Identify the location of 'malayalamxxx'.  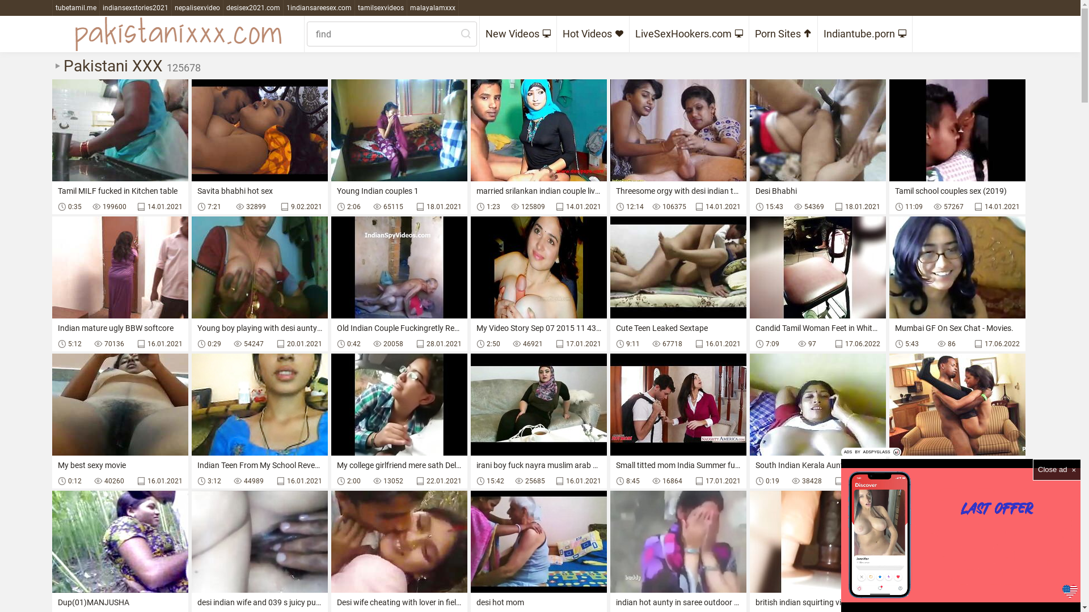
(432, 8).